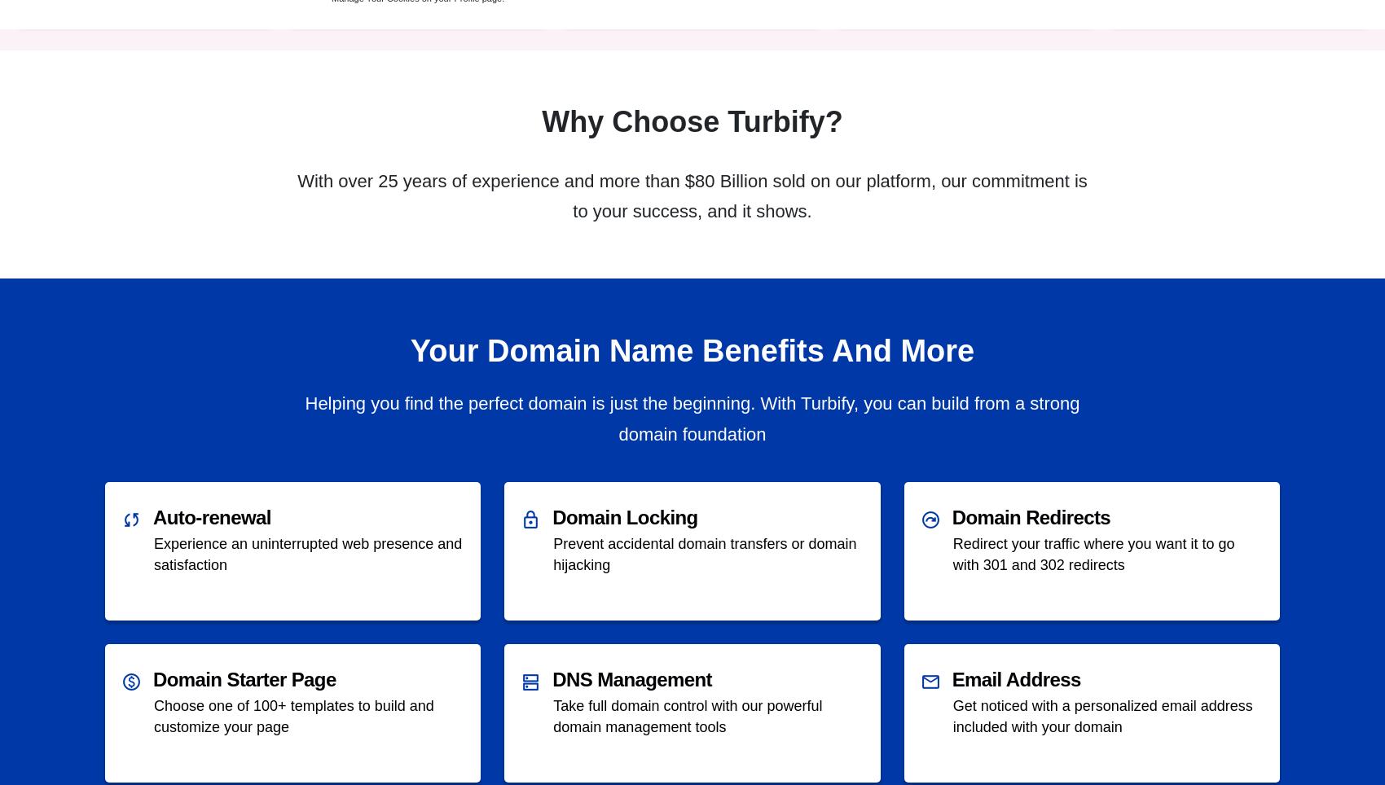 This screenshot has width=1385, height=785. Describe the element at coordinates (211, 517) in the screenshot. I see `'Auto-renewal'` at that location.